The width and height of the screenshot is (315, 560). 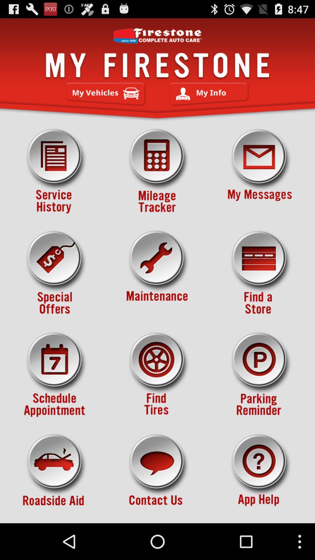 What do you see at coordinates (260, 171) in the screenshot?
I see `messages` at bounding box center [260, 171].